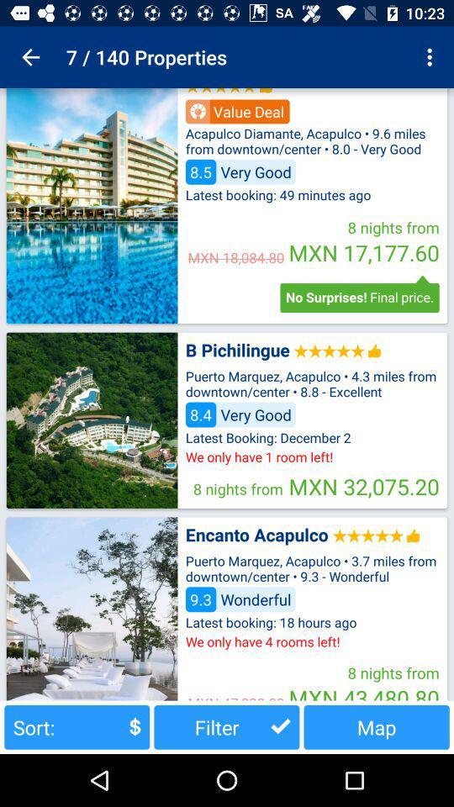 This screenshot has width=454, height=807. I want to click on app to the left of the 7 / 140 properties icon, so click(30, 57).